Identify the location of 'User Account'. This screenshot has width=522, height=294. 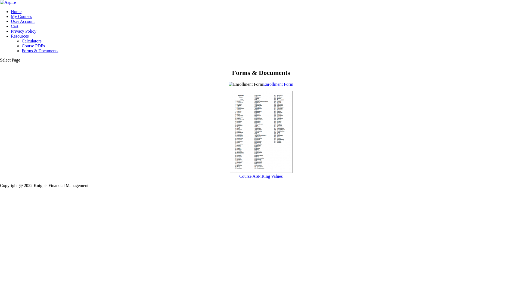
(22, 21).